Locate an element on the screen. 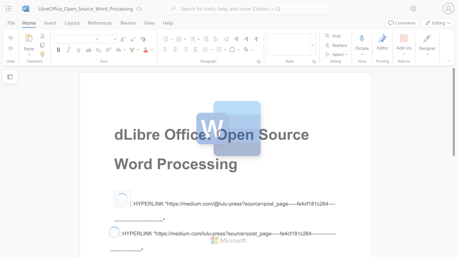 This screenshot has height=257, width=457. the scrollbar to move the content lower is located at coordinates (453, 242).